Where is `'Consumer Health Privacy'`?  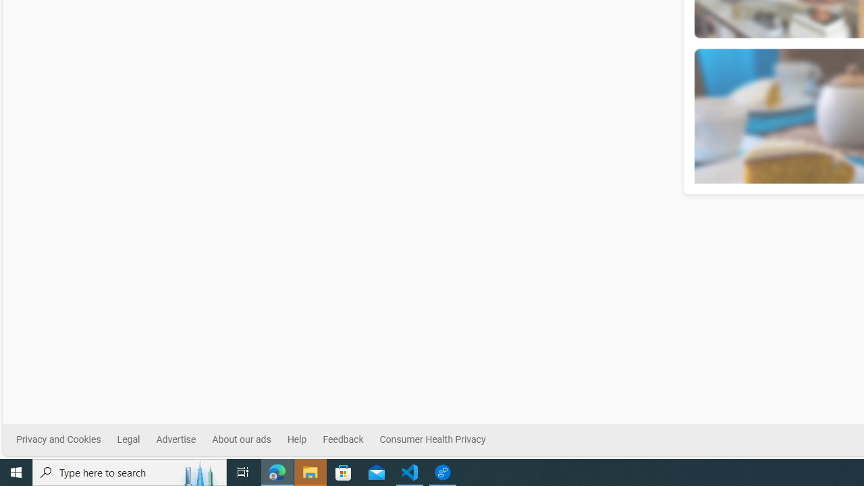 'Consumer Health Privacy' is located at coordinates (432, 439).